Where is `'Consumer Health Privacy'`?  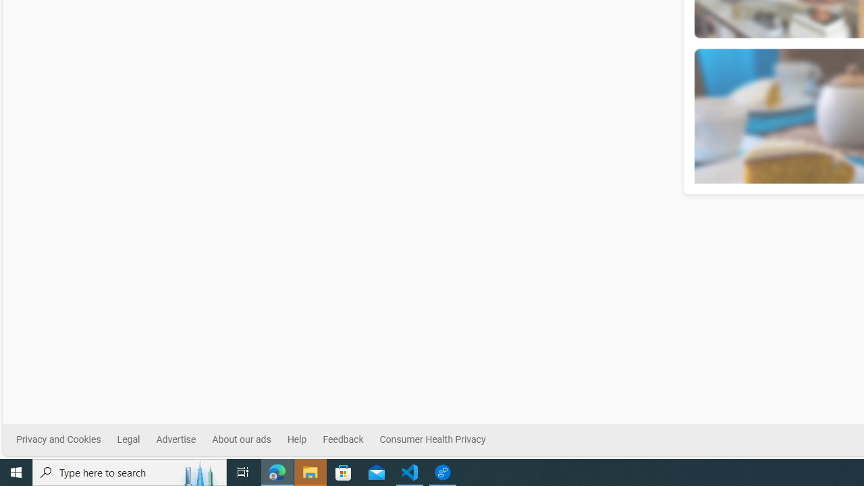 'Consumer Health Privacy' is located at coordinates (432, 439).